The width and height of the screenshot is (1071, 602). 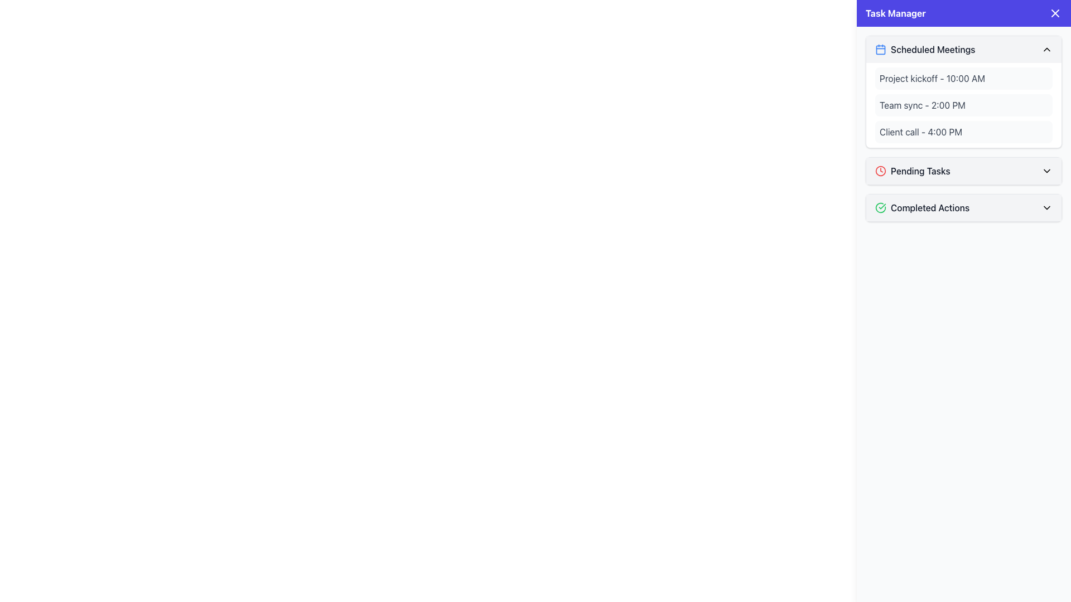 What do you see at coordinates (922, 105) in the screenshot?
I see `the 'Team sync' scheduled meeting item in the 'Scheduled Meetings' section of the 'Task Manager' sidebar` at bounding box center [922, 105].